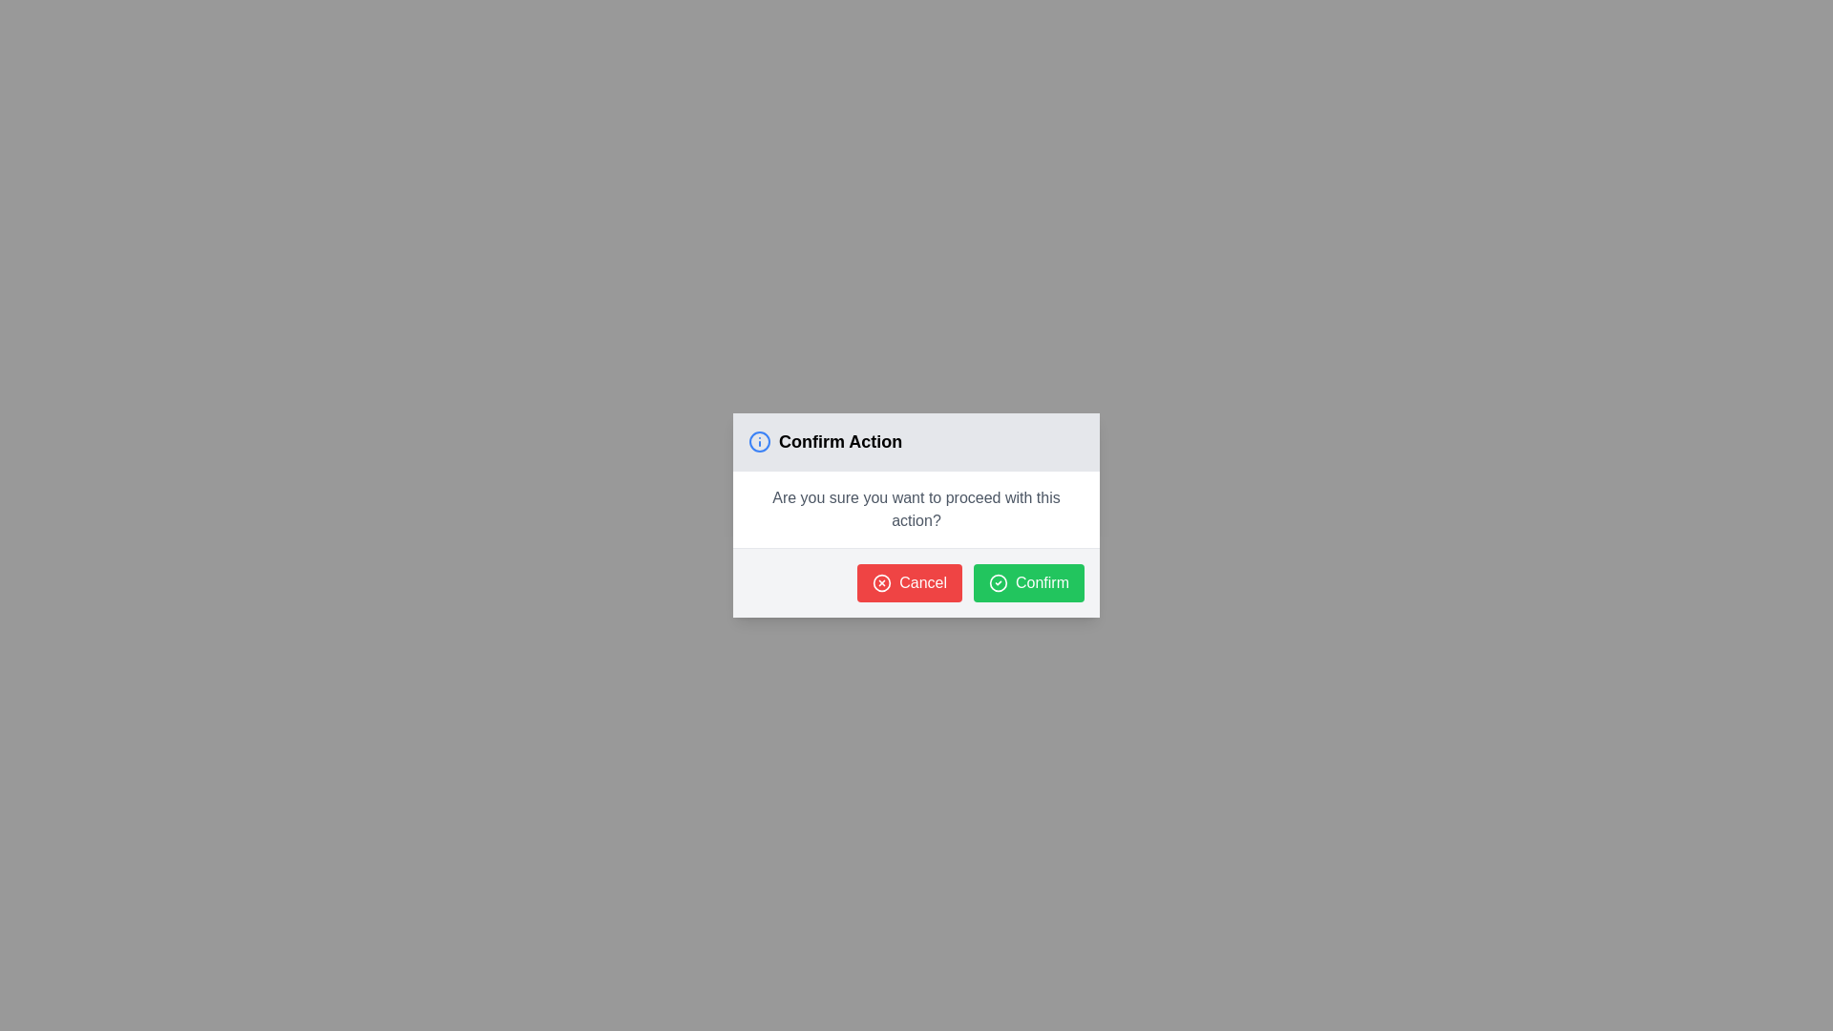  Describe the element at coordinates (916, 580) in the screenshot. I see `the 'Cancel' button, which is styled with a red background and white text, located at the bottom section of the modal dialog box, to abort the action` at that location.